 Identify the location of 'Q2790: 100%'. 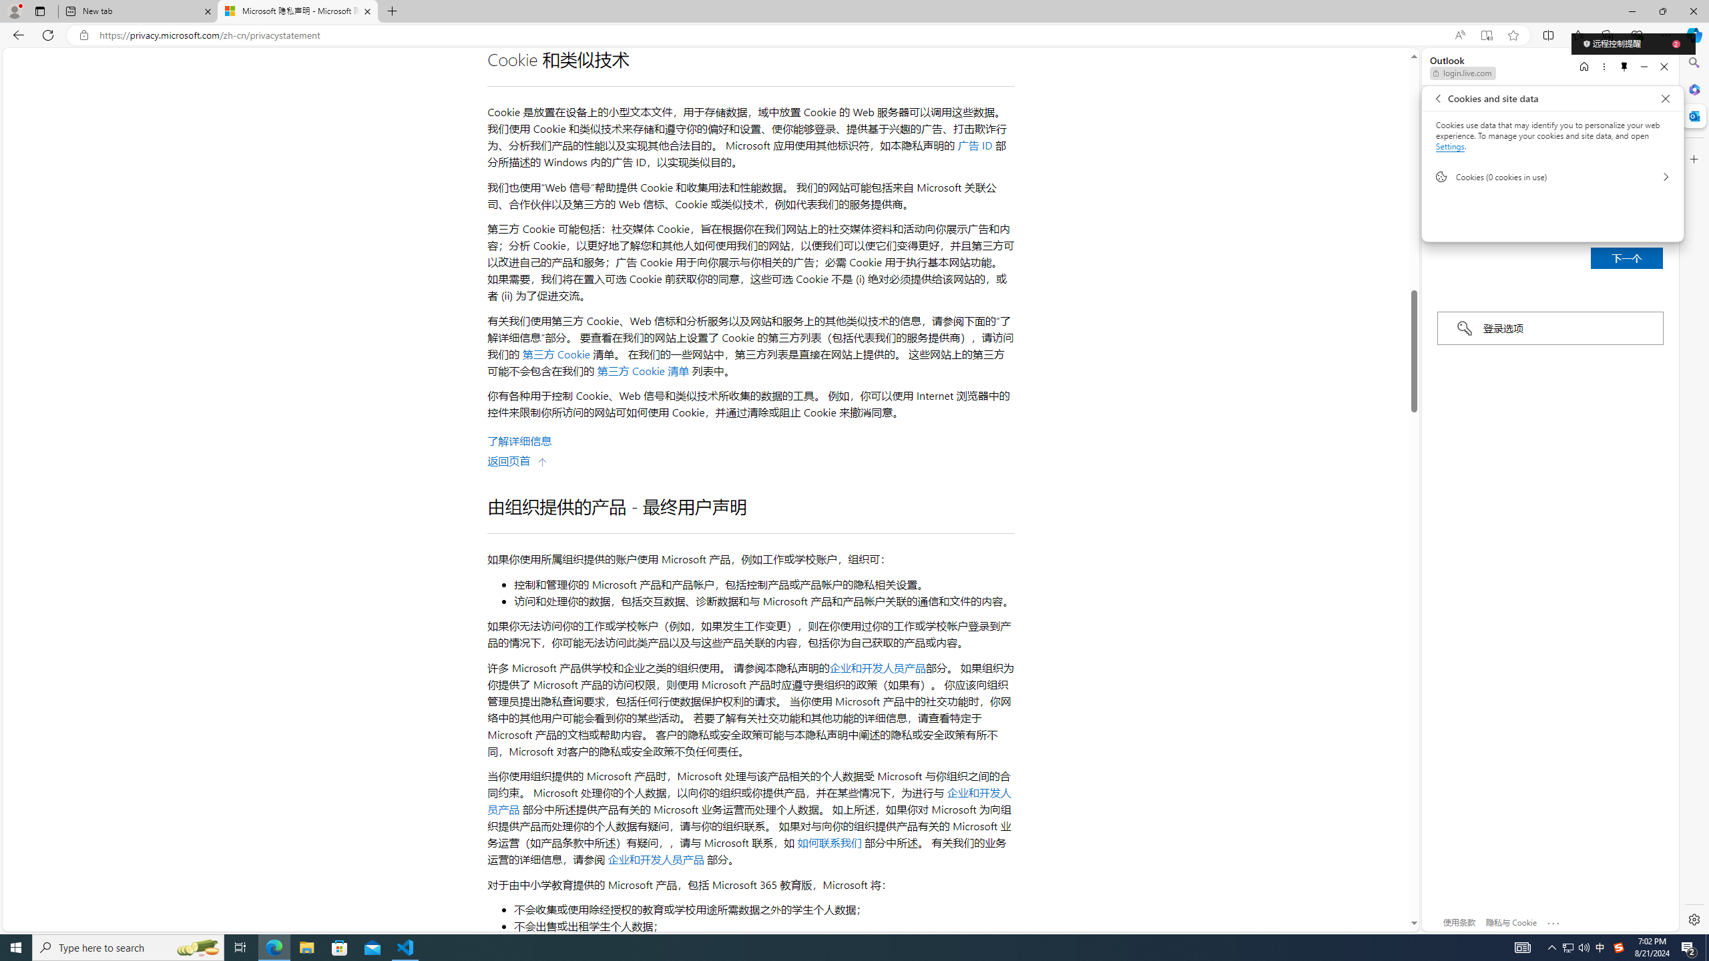
(1583, 946).